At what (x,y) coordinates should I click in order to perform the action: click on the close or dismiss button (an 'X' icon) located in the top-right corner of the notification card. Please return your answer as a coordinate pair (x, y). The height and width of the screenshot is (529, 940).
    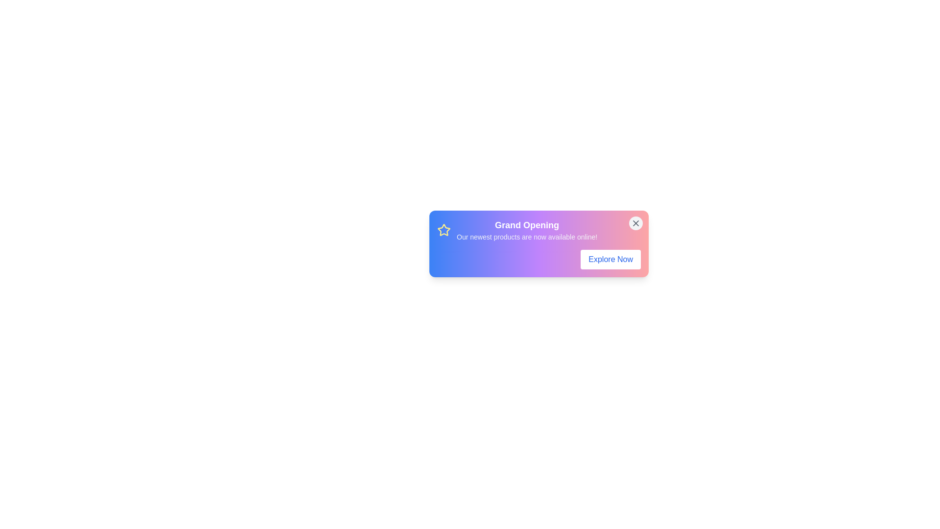
    Looking at the image, I should click on (636, 223).